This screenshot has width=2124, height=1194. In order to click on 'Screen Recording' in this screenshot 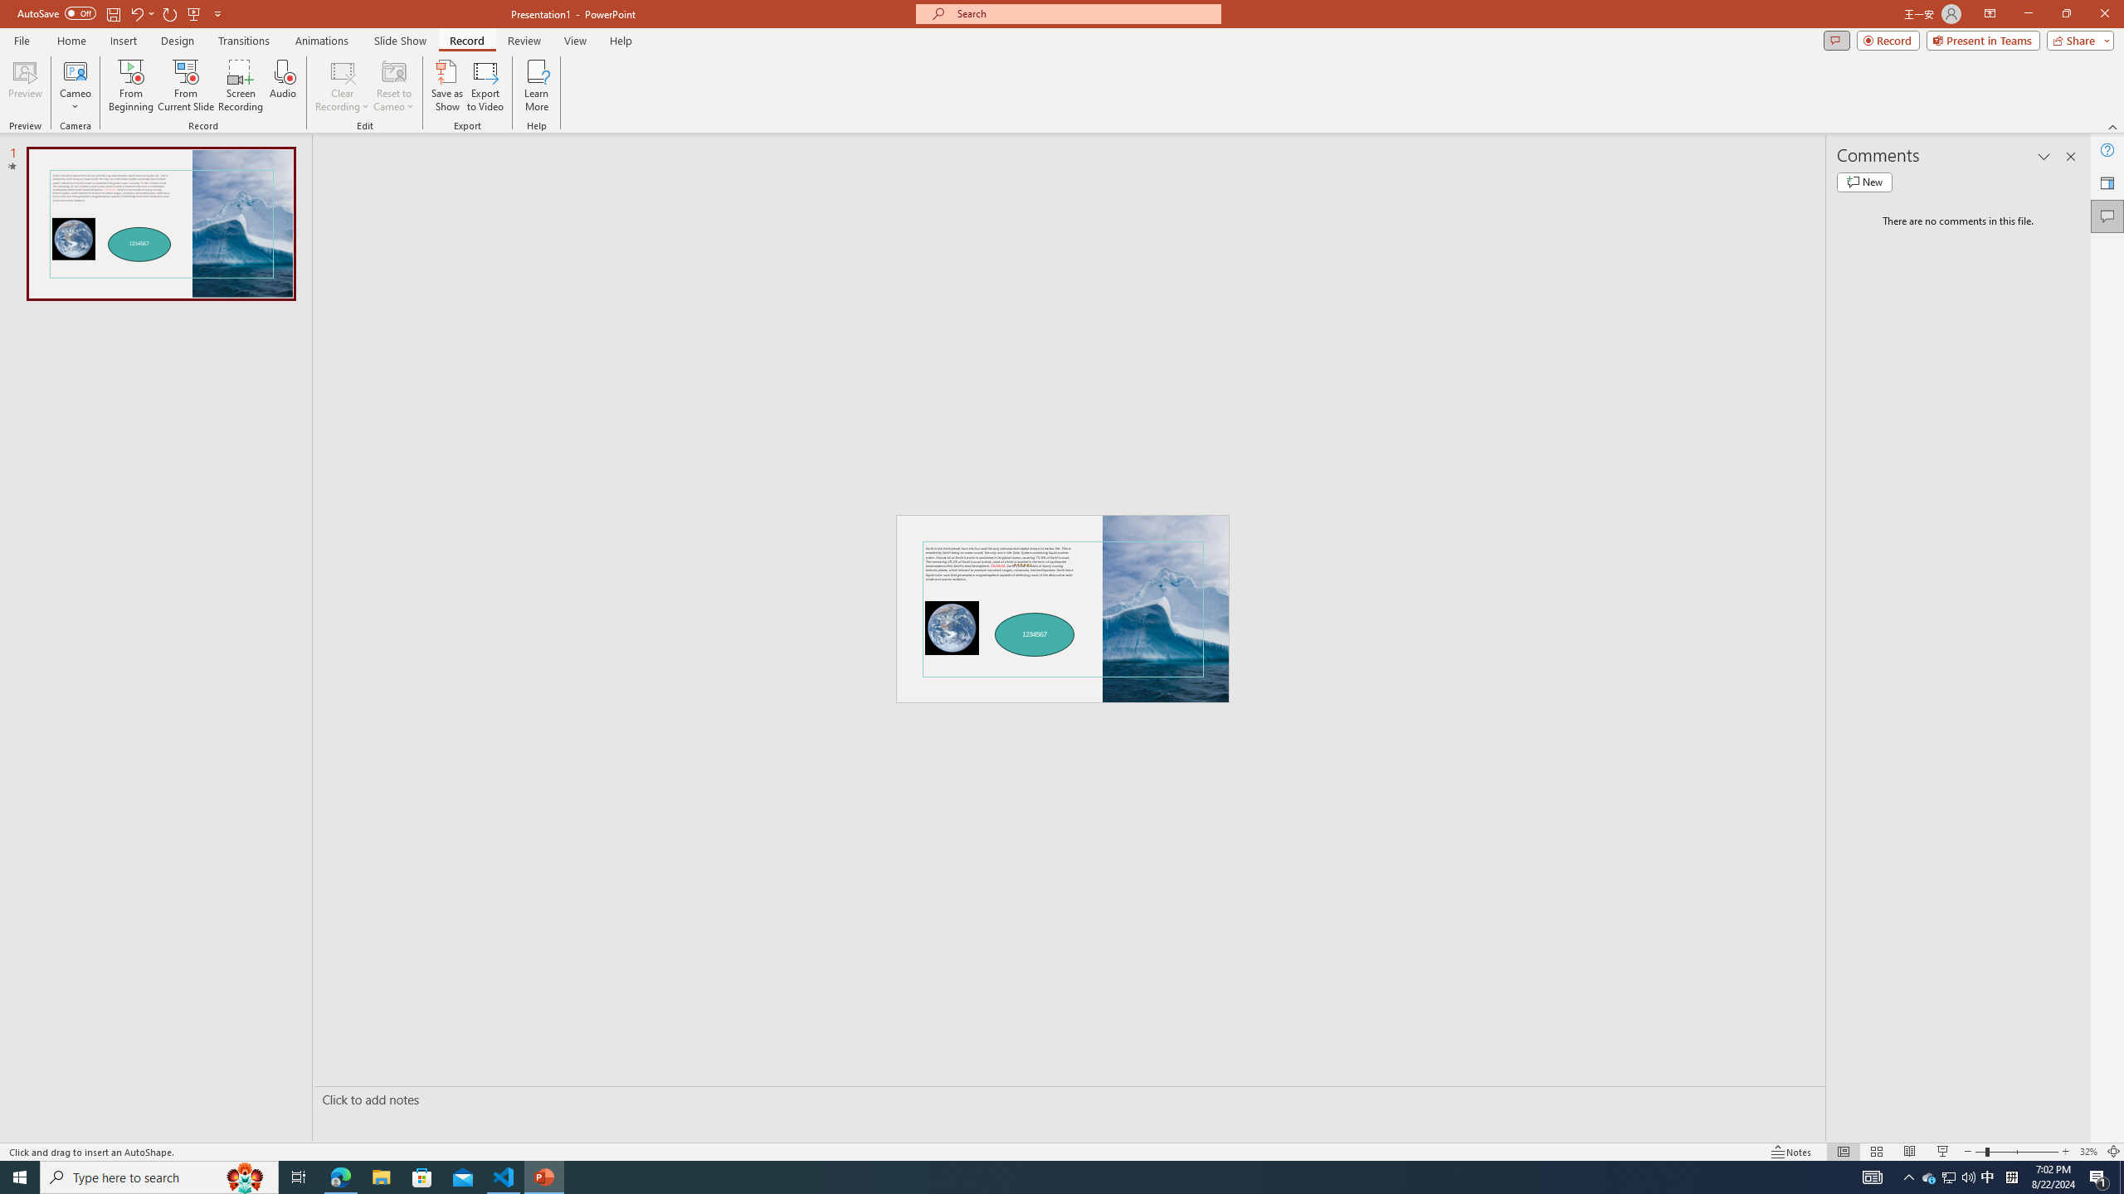, I will do `click(240, 85)`.